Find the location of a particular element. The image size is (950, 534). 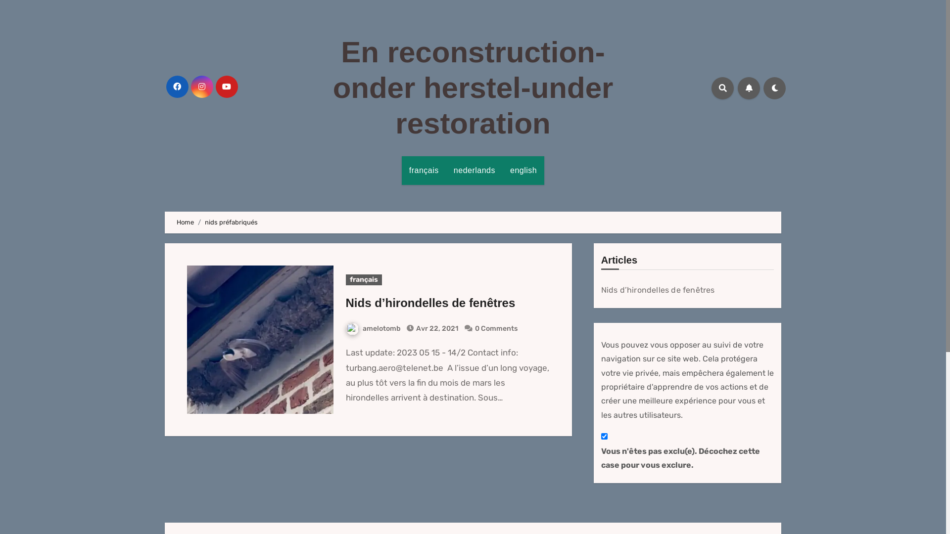

'Avr 22, 2021' is located at coordinates (415, 328).